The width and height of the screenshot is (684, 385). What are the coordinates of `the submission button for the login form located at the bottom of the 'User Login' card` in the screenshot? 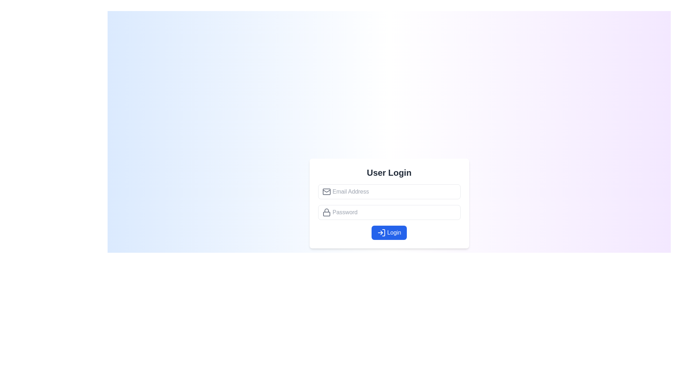 It's located at (389, 232).